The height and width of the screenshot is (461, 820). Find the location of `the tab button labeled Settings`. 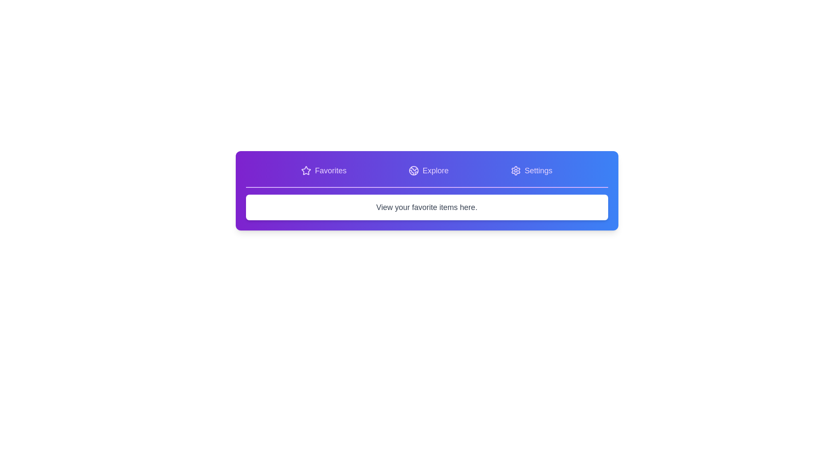

the tab button labeled Settings is located at coordinates (531, 171).